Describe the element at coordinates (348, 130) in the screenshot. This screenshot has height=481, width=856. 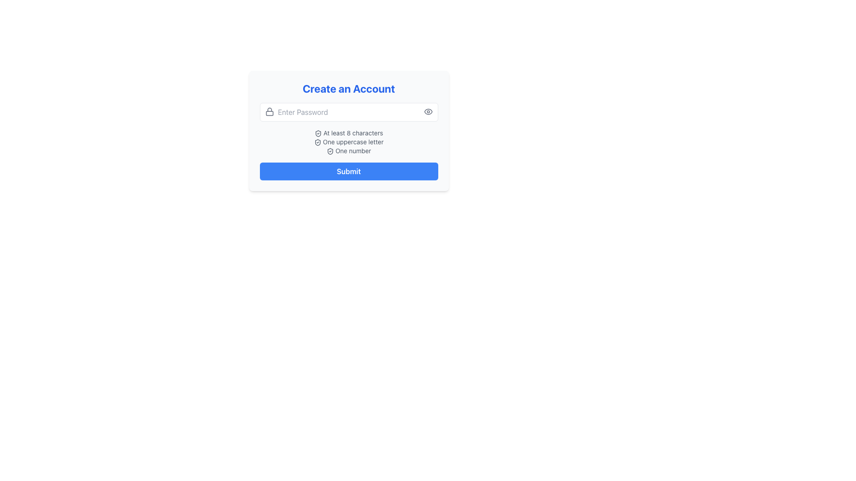
I see `the text or icons within the password creation section, which is centrally located below the 'Create an Account' title and above the 'Submit' button` at that location.